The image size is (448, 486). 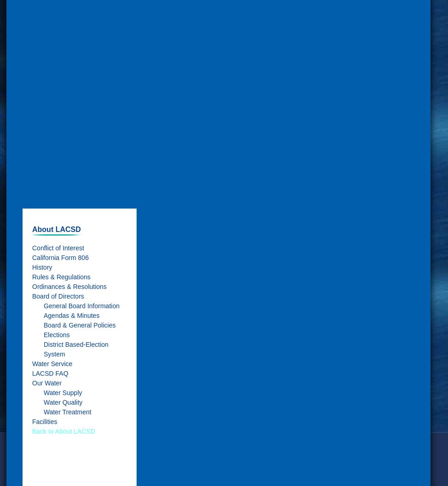 What do you see at coordinates (43, 349) in the screenshot?
I see `'District Based-Election System'` at bounding box center [43, 349].